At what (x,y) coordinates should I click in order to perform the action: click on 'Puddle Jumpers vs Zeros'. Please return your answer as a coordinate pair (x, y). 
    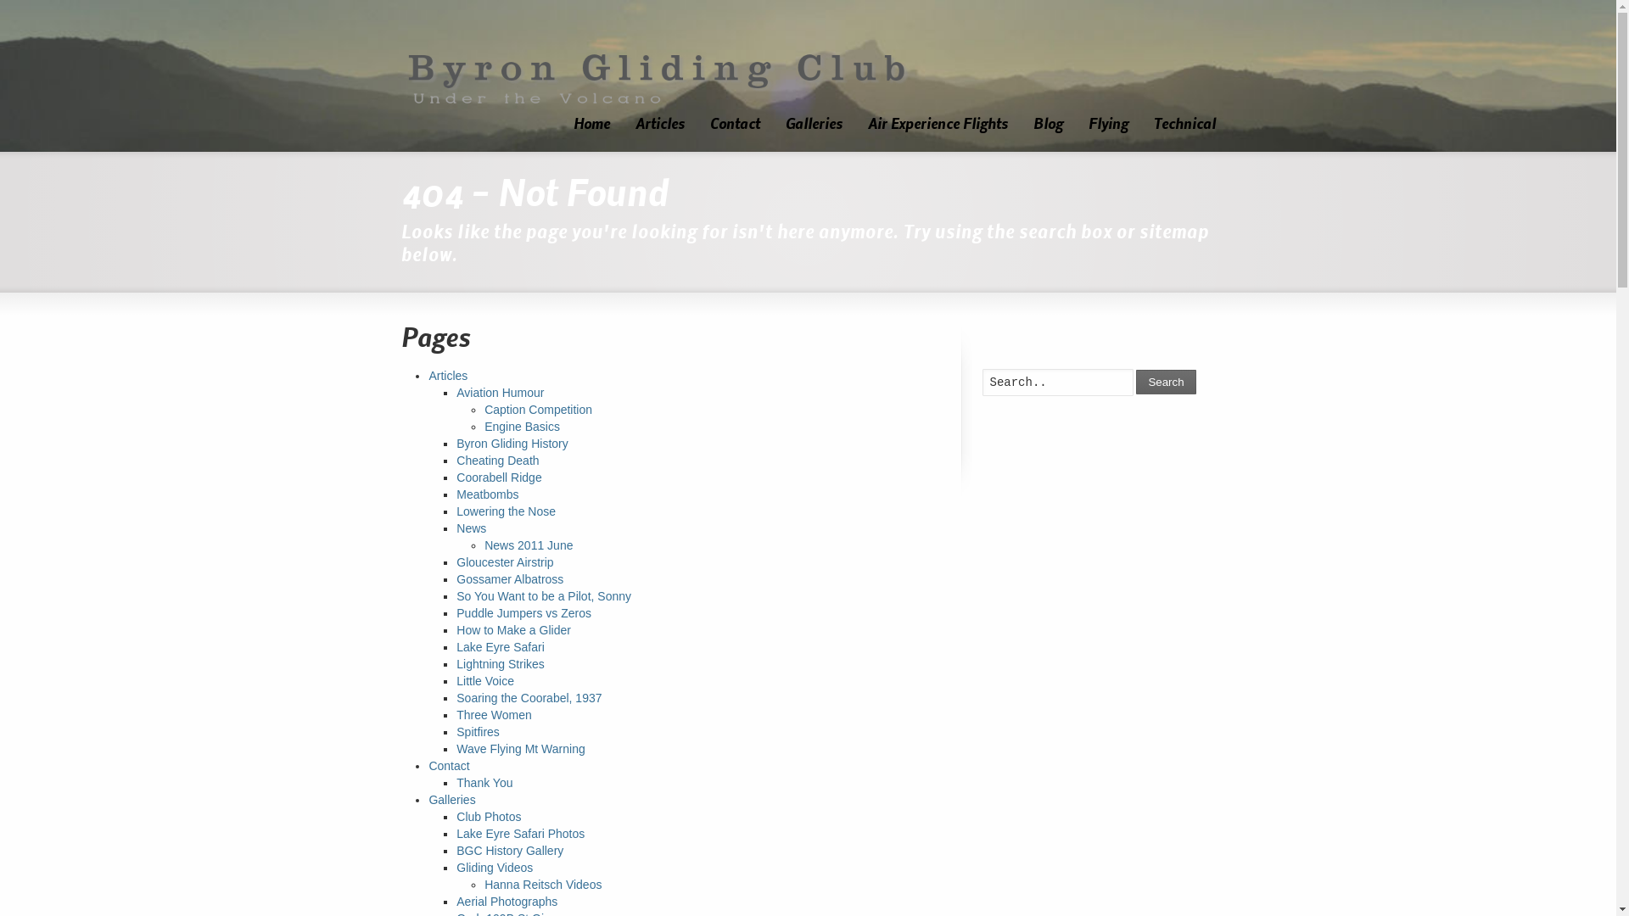
    Looking at the image, I should click on (523, 612).